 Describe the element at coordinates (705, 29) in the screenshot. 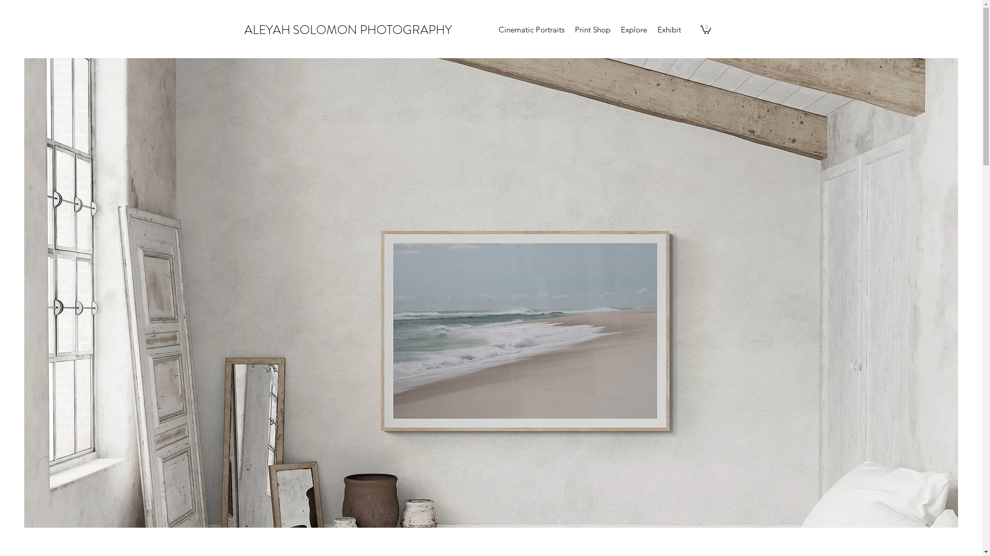

I see `'0'` at that location.